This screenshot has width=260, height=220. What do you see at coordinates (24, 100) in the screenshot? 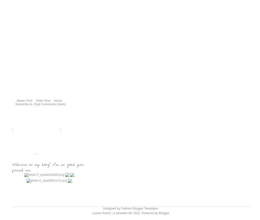
I see `'Newer Post'` at bounding box center [24, 100].